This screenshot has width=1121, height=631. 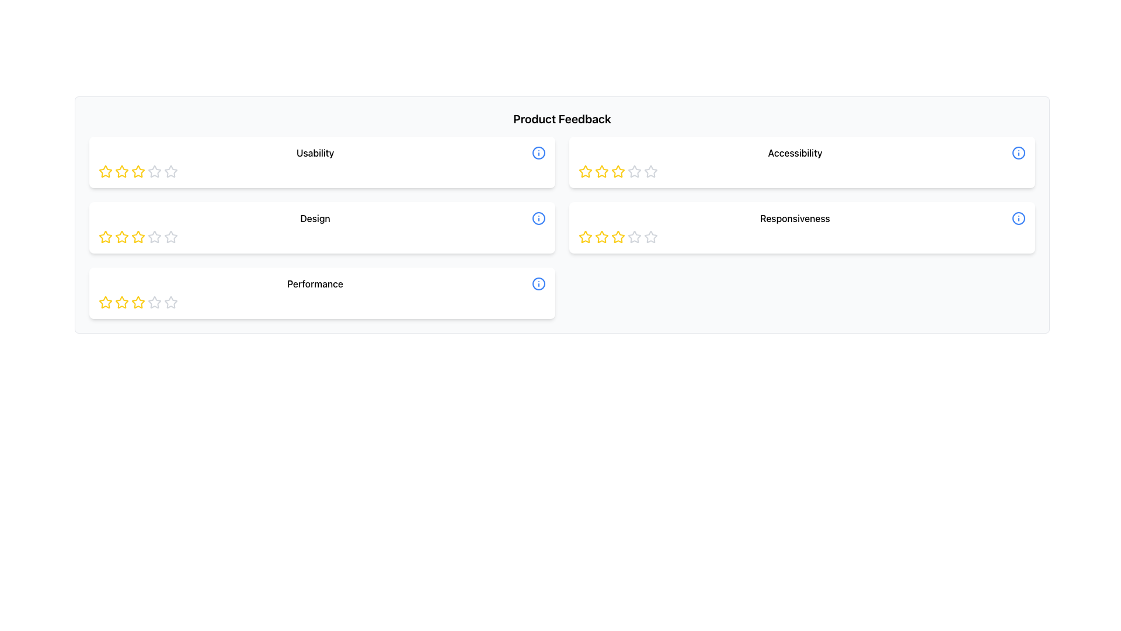 What do you see at coordinates (106, 171) in the screenshot?
I see `the first star icon in the Usability rating row to set or view the rating` at bounding box center [106, 171].